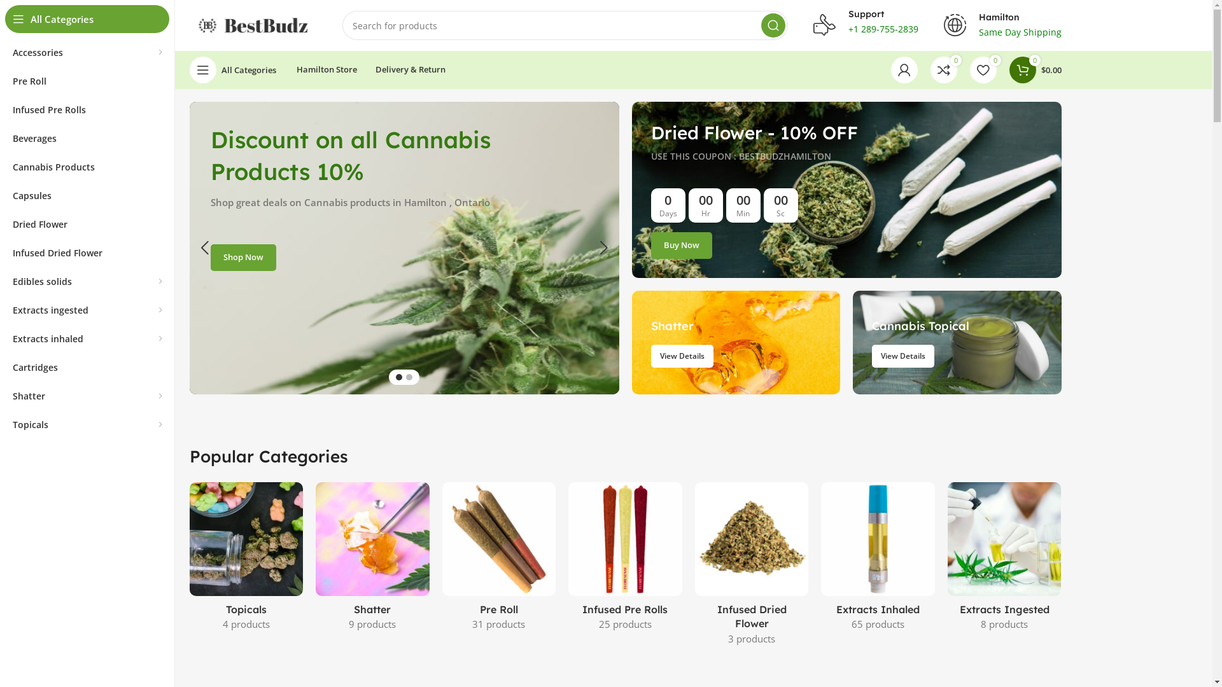 The image size is (1222, 687). Describe the element at coordinates (87, 223) in the screenshot. I see `'Dried Flower'` at that location.